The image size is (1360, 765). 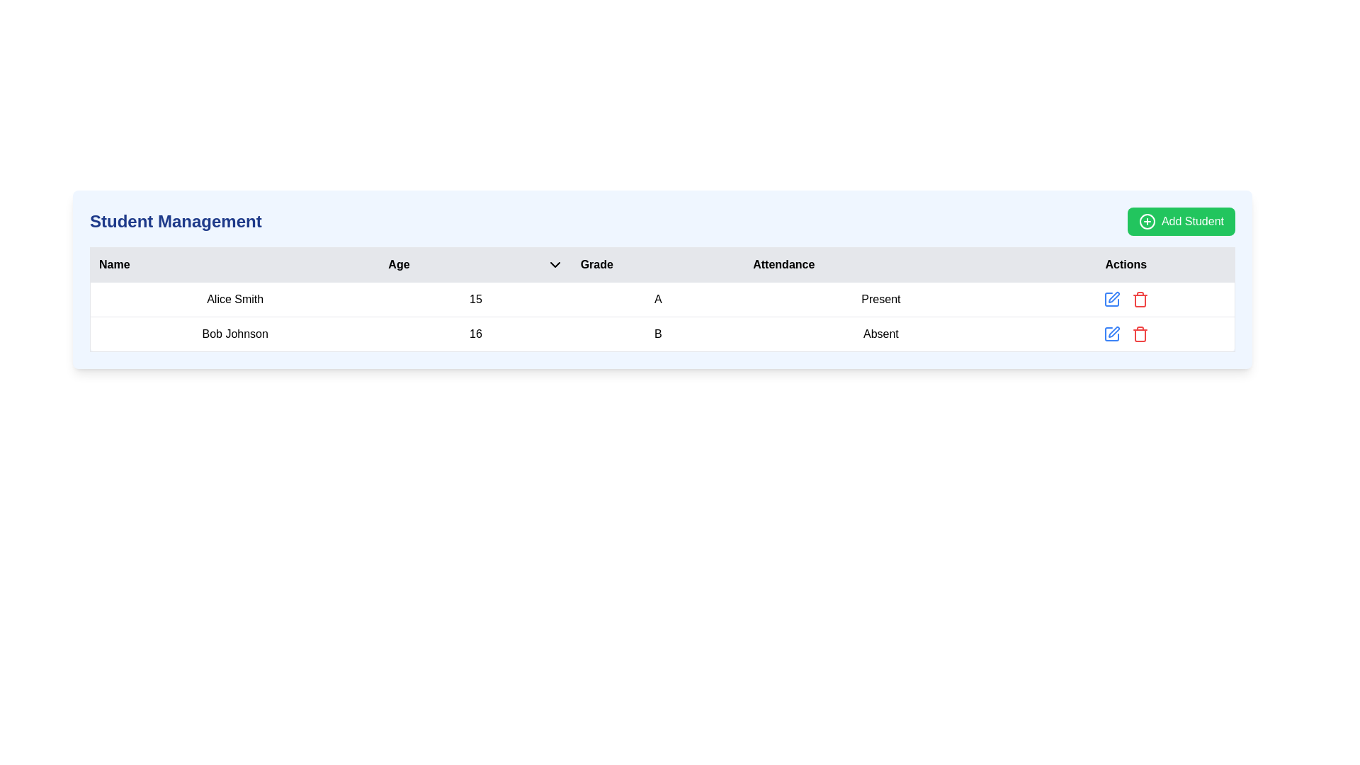 I want to click on the table cell containing the letter 'B' in the third column of the second row, which represents the grade for 'Bob Johnson', so click(x=662, y=334).